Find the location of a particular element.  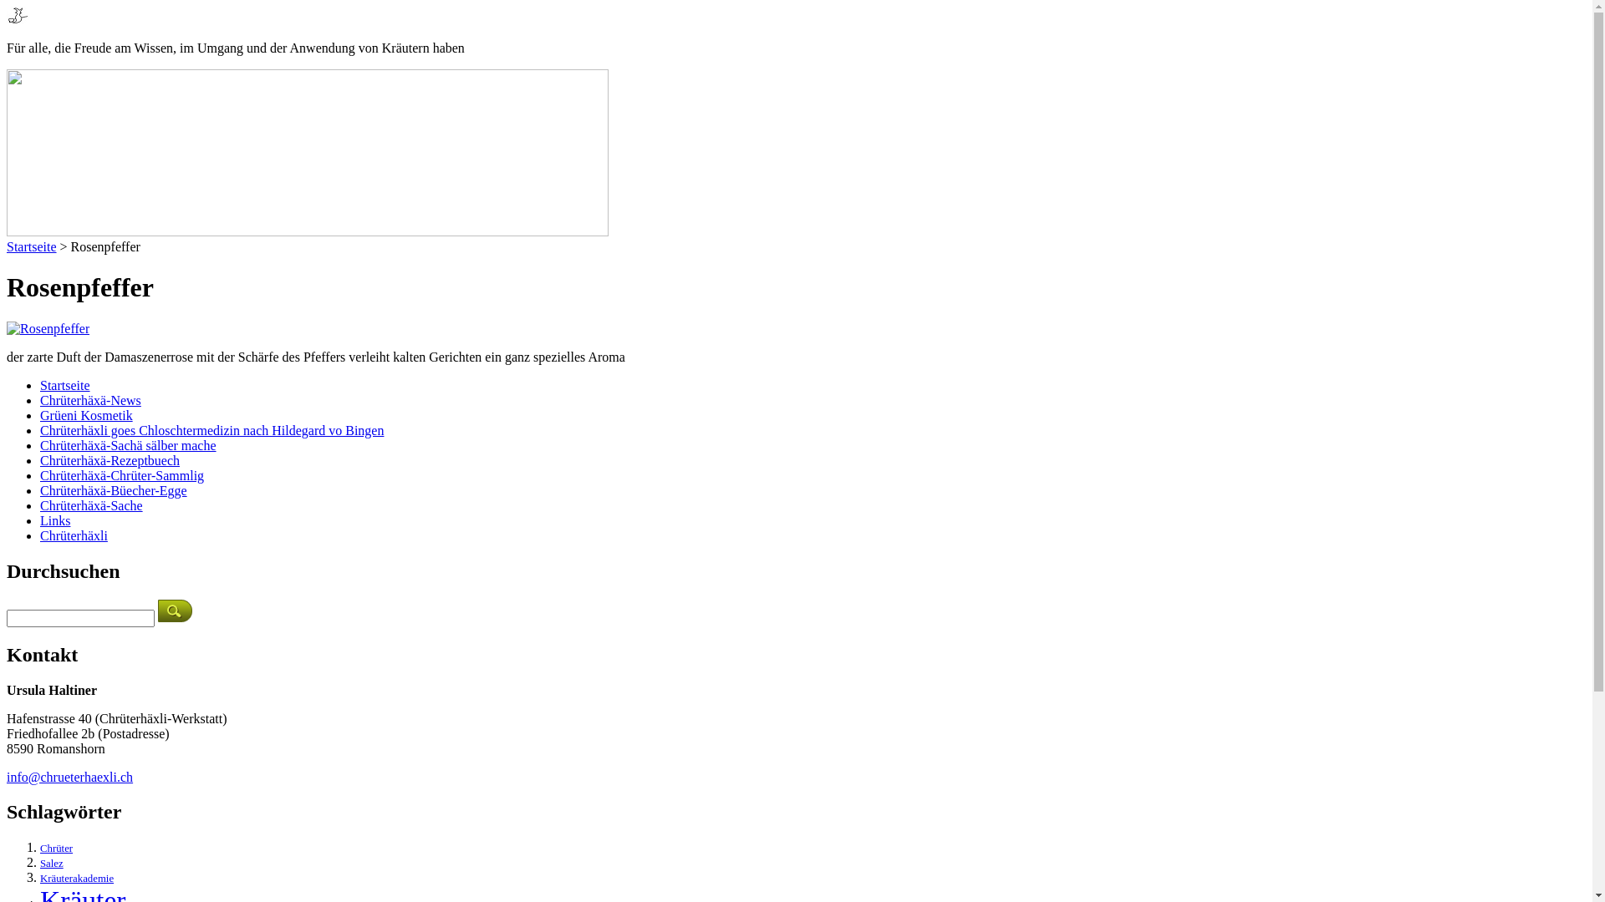

'info@chrueterhaexli.ch' is located at coordinates (69, 777).